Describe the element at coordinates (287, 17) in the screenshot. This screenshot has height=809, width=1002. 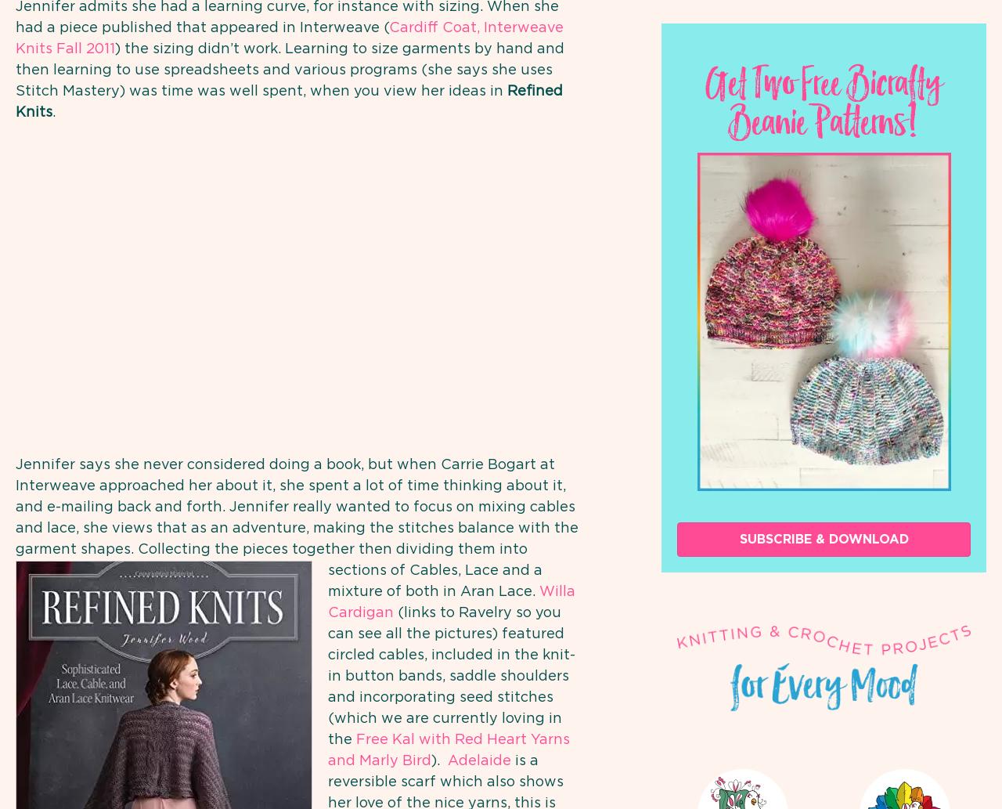
I see `'Jennifer admits she had a learning curve, for instance with sizing. When she had a piece published that appeared in Interweave ('` at that location.